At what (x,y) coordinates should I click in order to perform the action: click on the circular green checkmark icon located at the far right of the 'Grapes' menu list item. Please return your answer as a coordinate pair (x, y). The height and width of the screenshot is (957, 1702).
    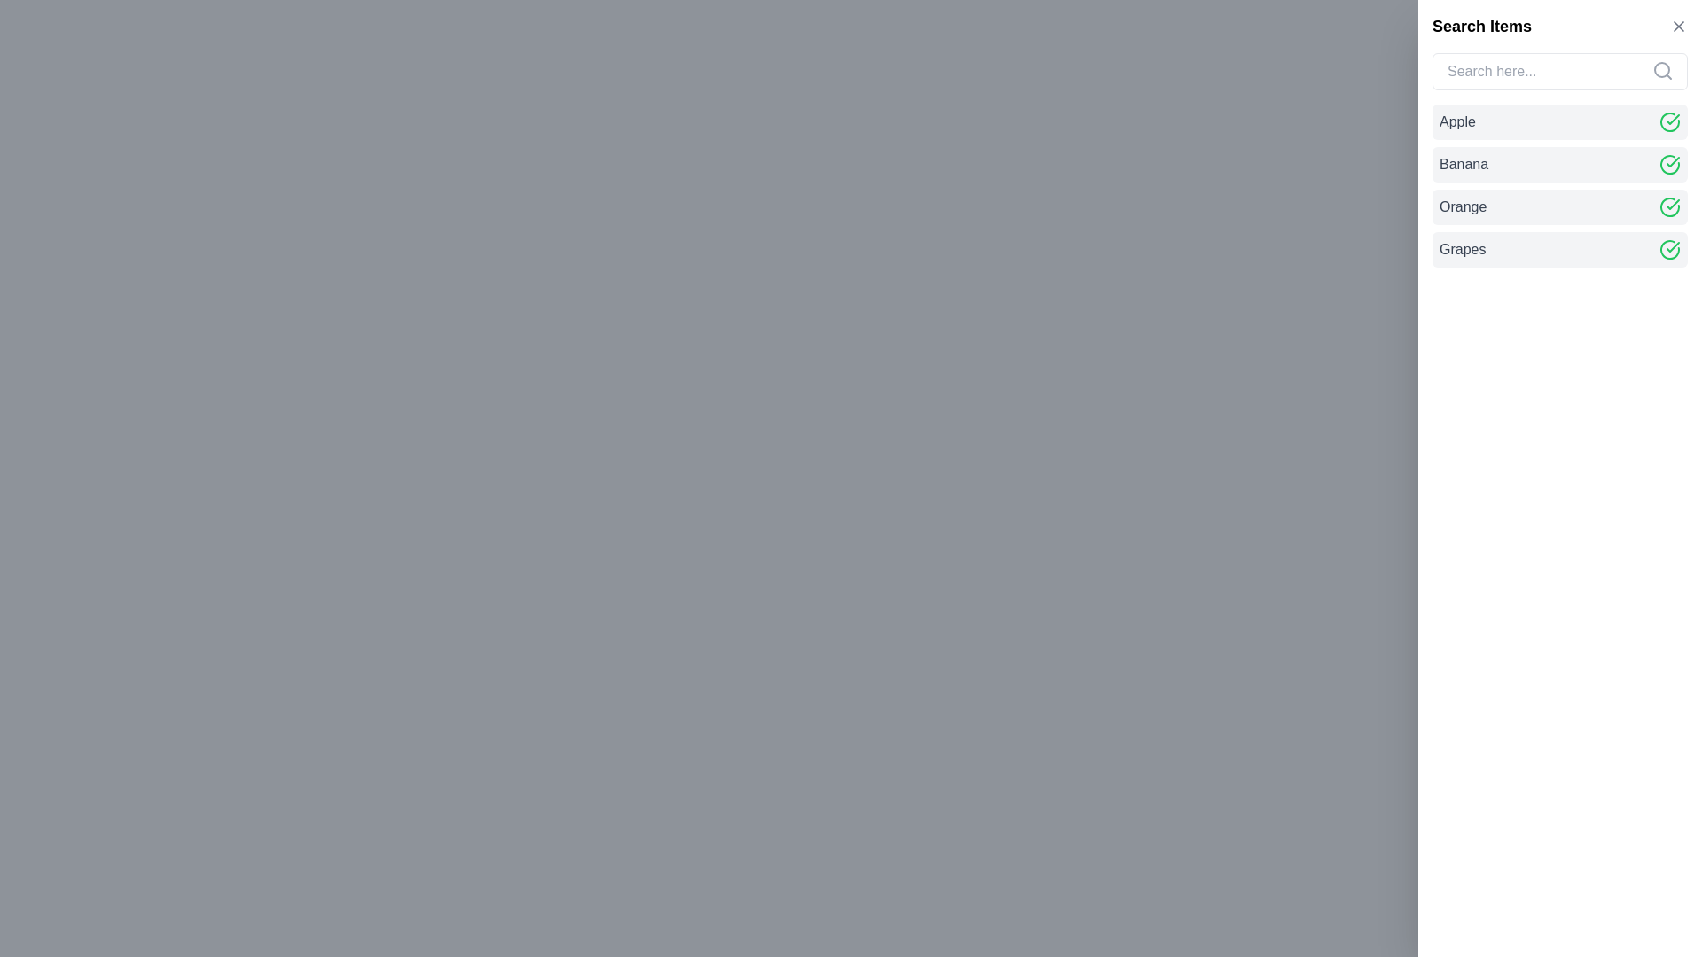
    Looking at the image, I should click on (1668, 249).